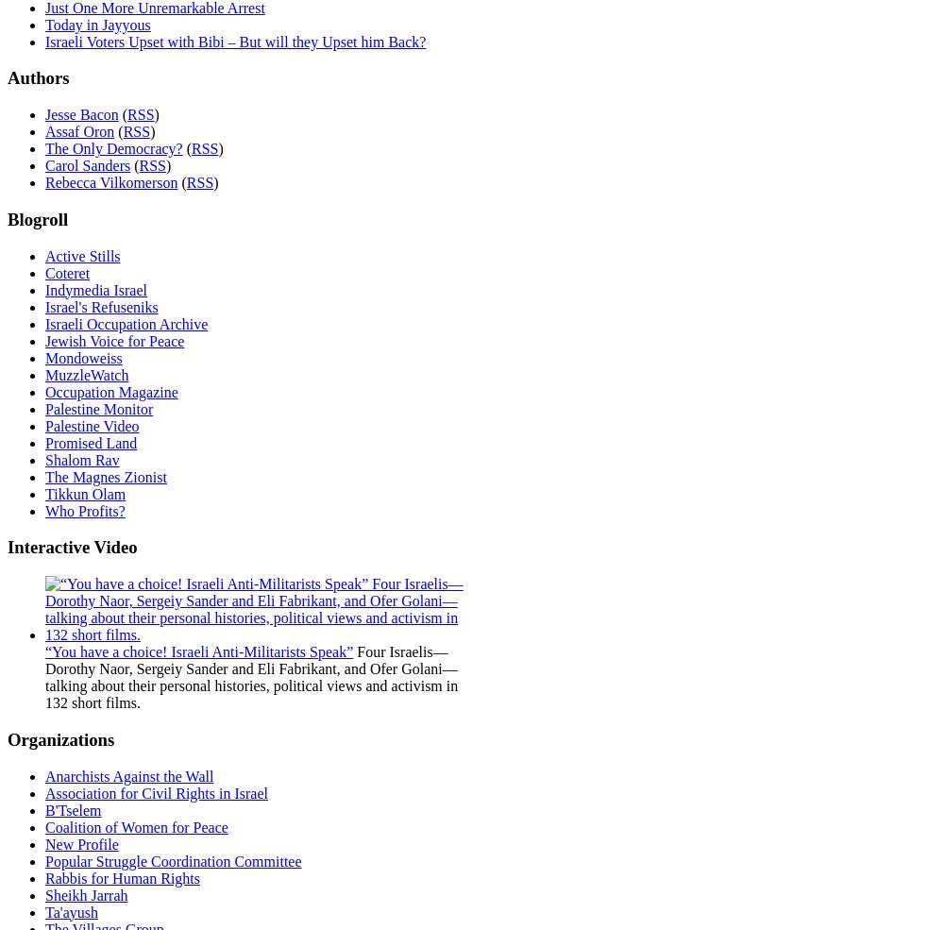 The width and height of the screenshot is (927, 930). Describe the element at coordinates (72, 808) in the screenshot. I see `'B'Tselem'` at that location.